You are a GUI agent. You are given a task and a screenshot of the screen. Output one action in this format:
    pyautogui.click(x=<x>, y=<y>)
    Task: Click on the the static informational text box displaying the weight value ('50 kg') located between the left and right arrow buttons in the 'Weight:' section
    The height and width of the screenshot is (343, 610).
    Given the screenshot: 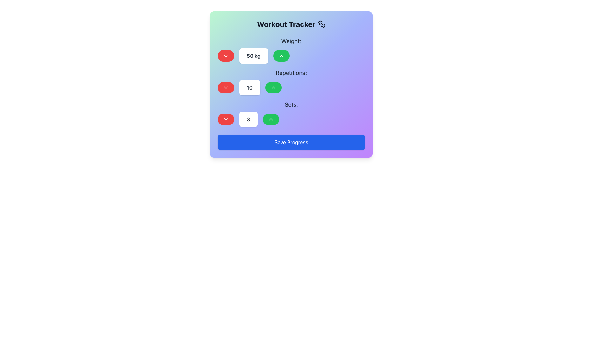 What is the action you would take?
    pyautogui.click(x=253, y=56)
    